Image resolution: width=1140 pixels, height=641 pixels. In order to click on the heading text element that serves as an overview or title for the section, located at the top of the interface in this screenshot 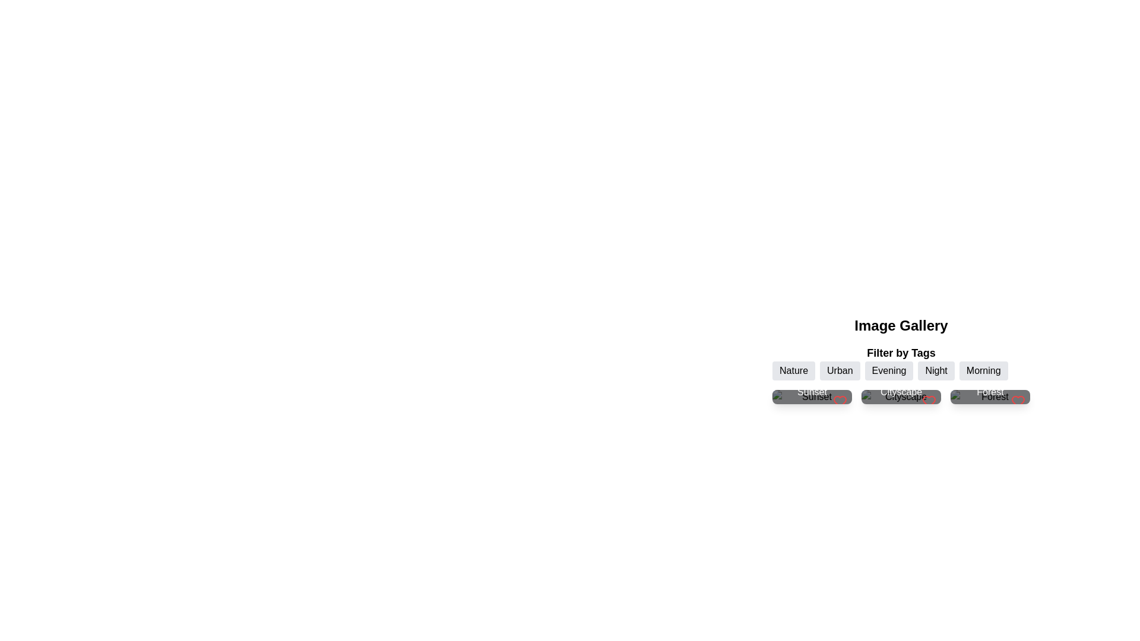, I will do `click(901, 325)`.